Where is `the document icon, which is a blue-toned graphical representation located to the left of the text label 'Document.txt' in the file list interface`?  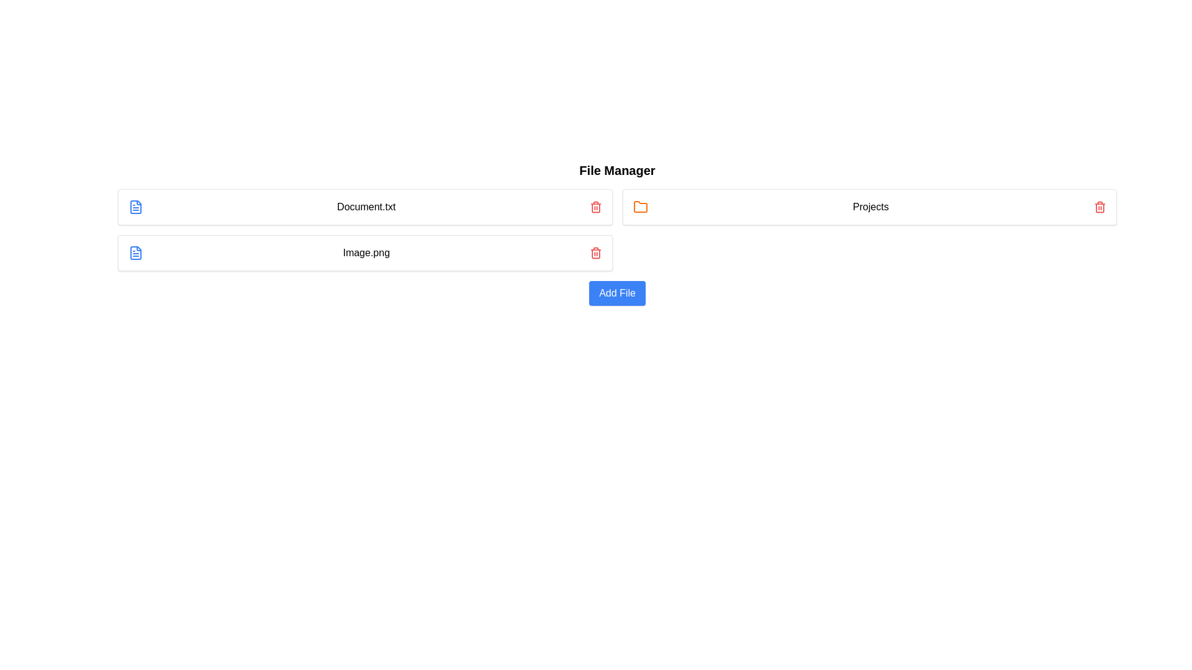 the document icon, which is a blue-toned graphical representation located to the left of the text label 'Document.txt' in the file list interface is located at coordinates (136, 207).